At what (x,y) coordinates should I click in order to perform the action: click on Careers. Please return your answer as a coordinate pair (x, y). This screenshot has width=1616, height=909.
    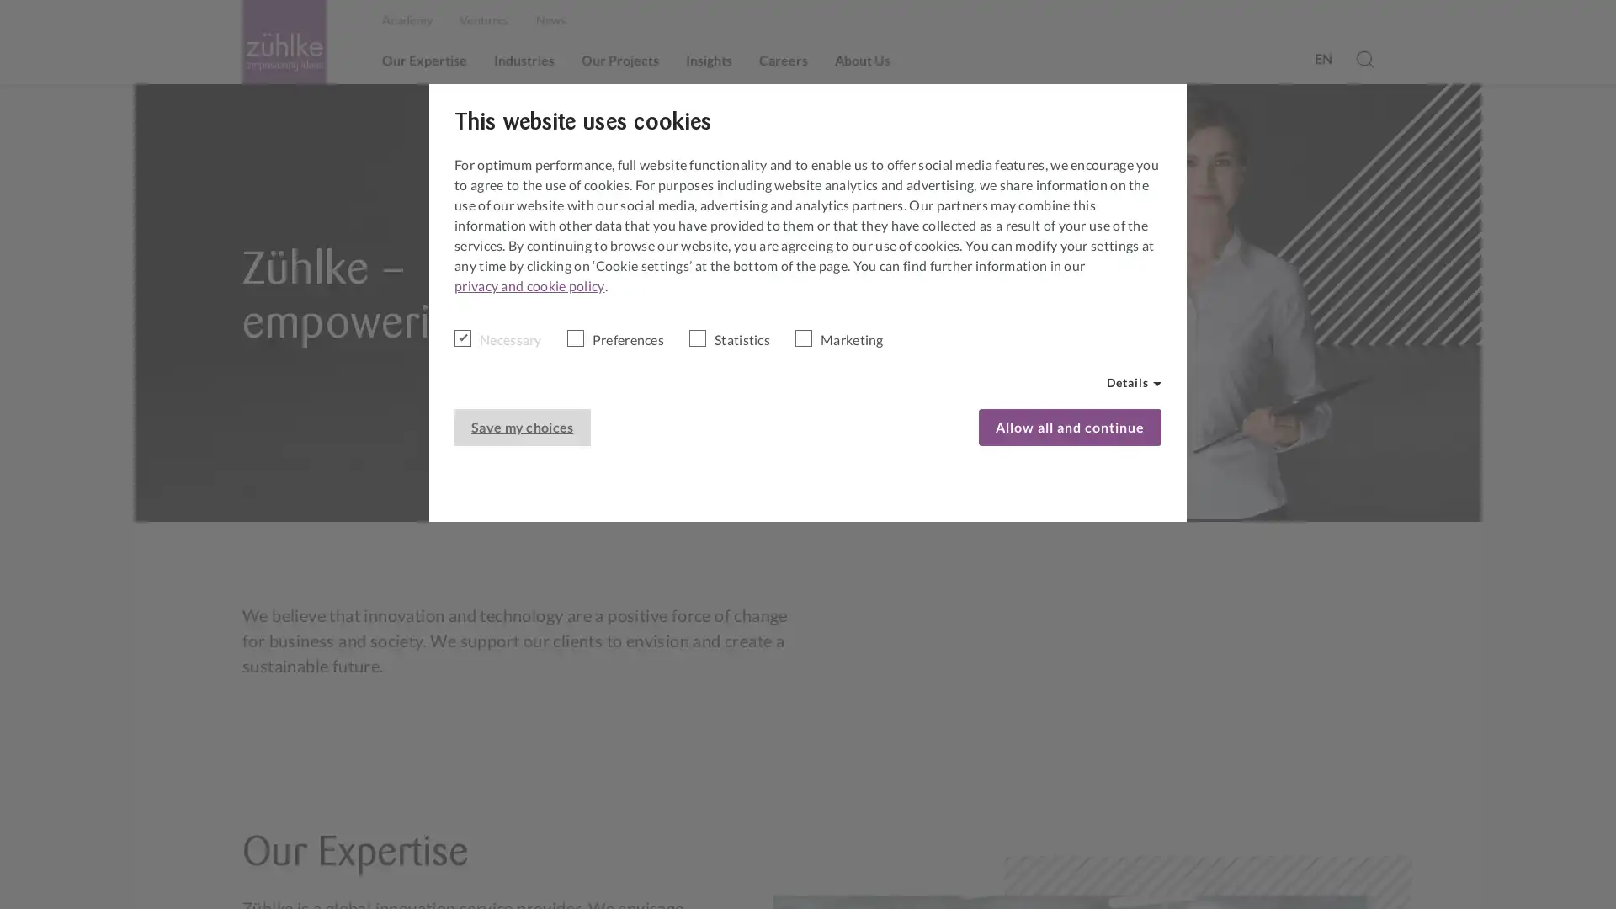
    Looking at the image, I should click on (783, 60).